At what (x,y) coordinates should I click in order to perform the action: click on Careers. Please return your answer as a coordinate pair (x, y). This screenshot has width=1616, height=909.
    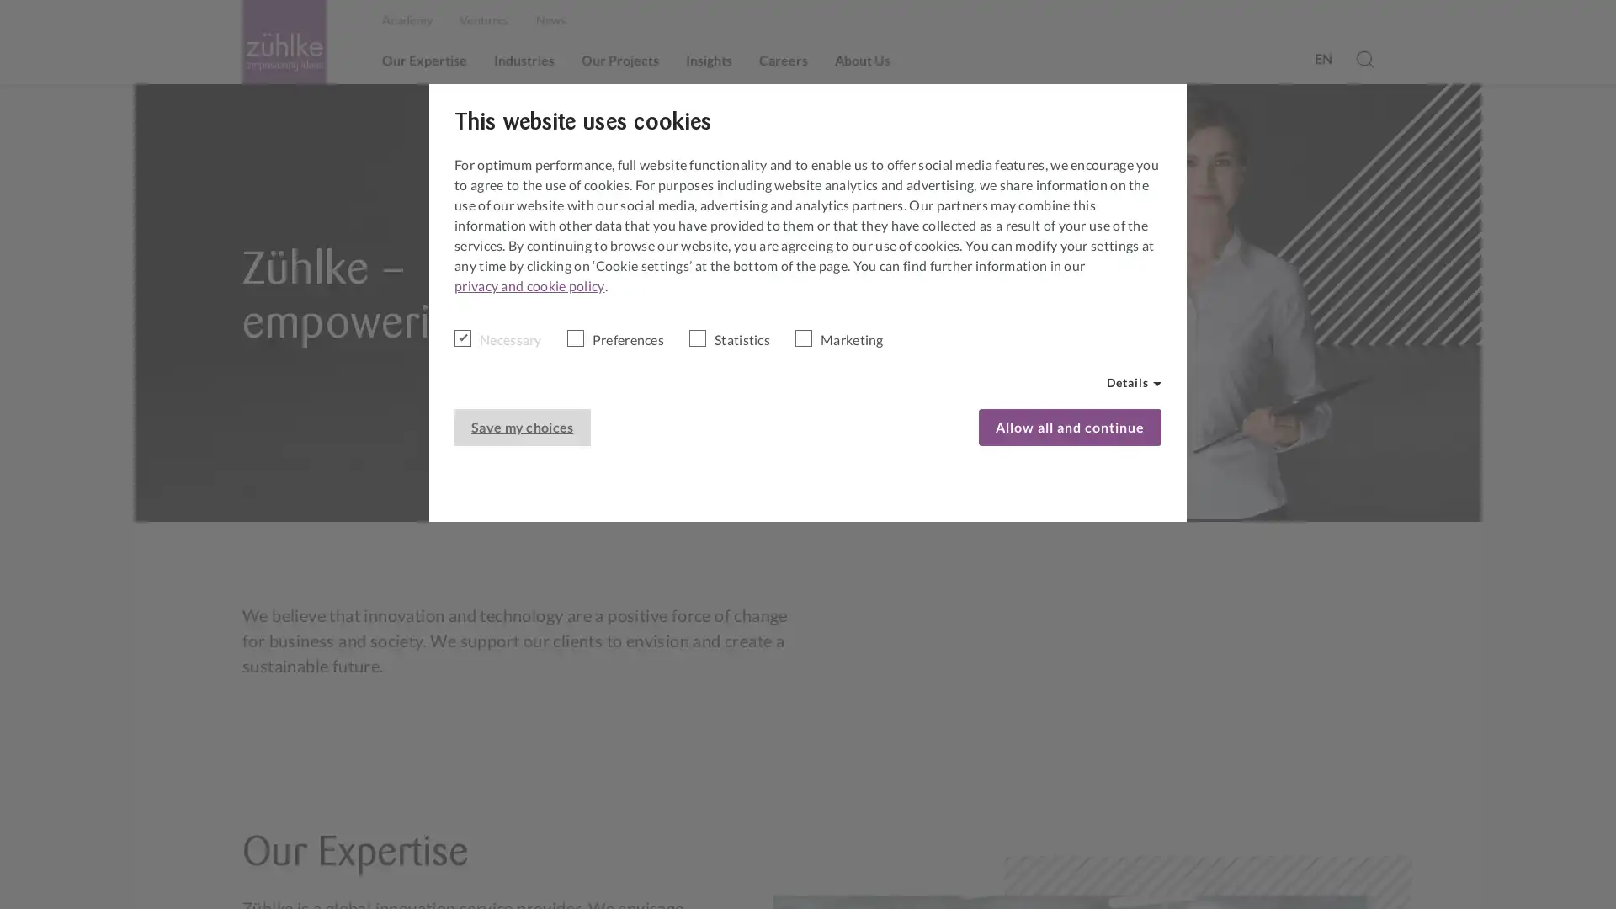
    Looking at the image, I should click on (783, 60).